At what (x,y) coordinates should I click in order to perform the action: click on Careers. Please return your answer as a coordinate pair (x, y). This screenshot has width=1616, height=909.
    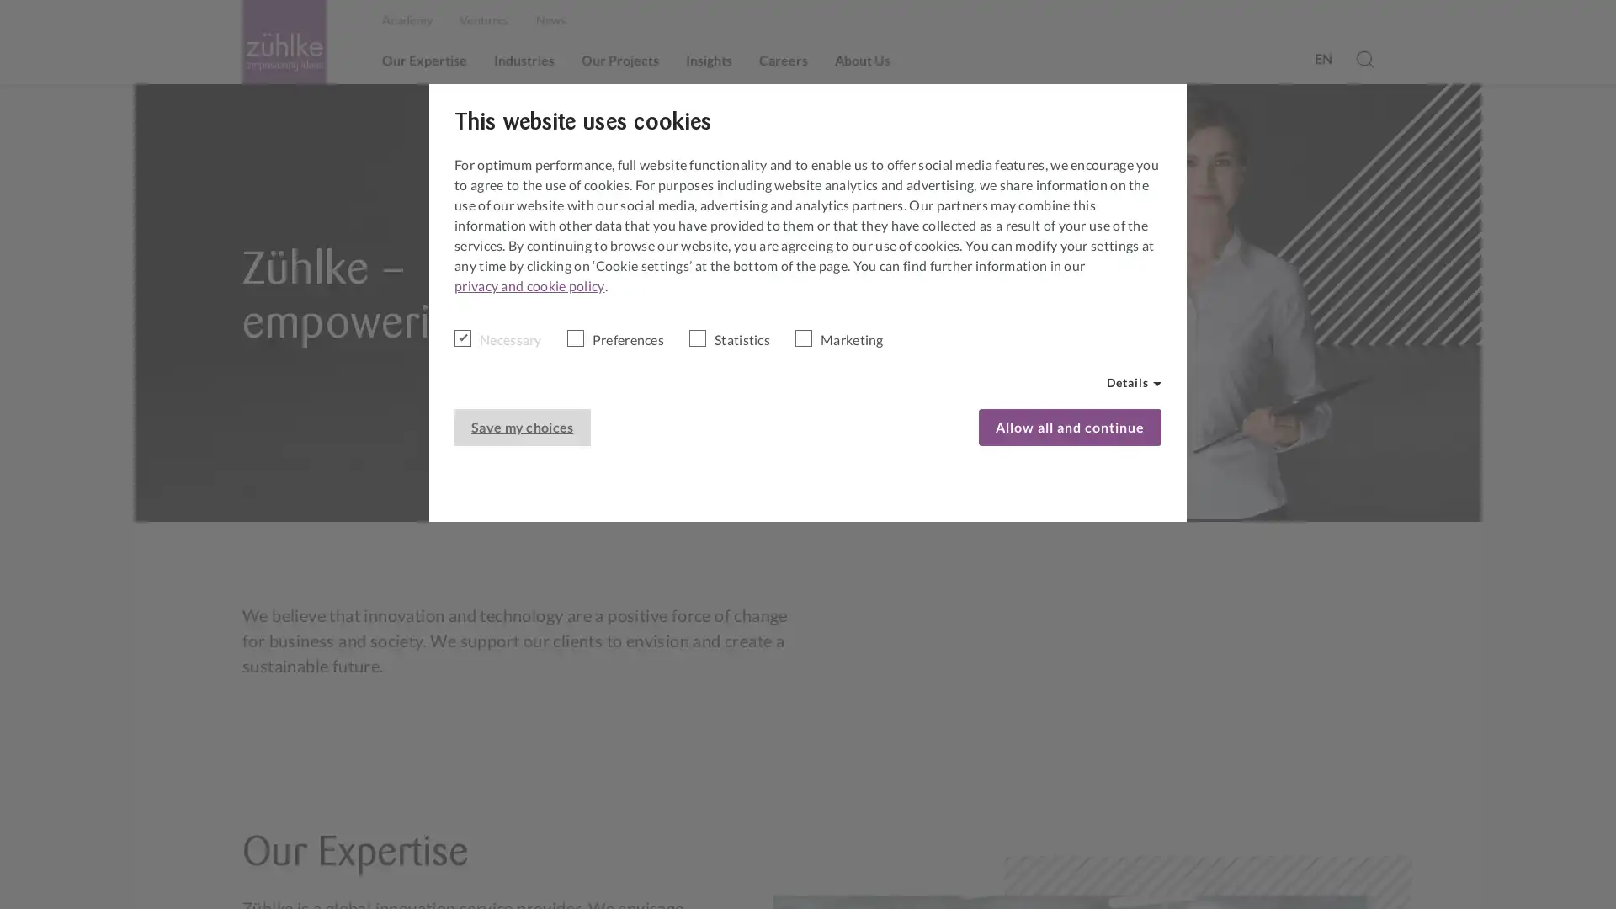
    Looking at the image, I should click on (783, 60).